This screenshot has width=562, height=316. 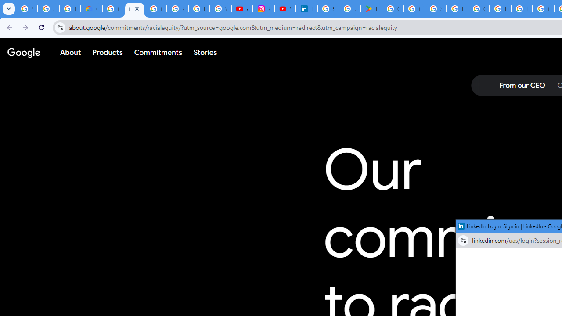 What do you see at coordinates (107, 52) in the screenshot?
I see `'Products'` at bounding box center [107, 52].